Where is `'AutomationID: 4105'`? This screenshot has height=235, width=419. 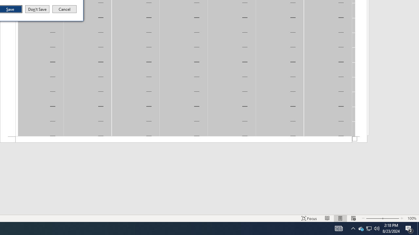
'AutomationID: 4105' is located at coordinates (340, 218).